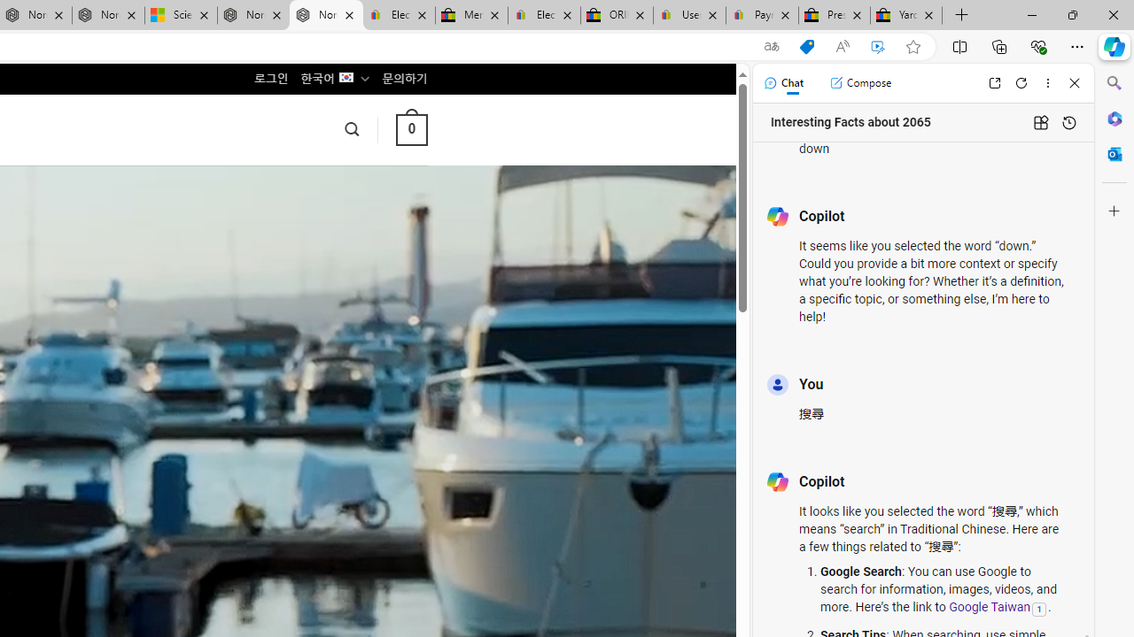 This screenshot has height=637, width=1134. Describe the element at coordinates (878, 46) in the screenshot. I see `'Enhance video'` at that location.